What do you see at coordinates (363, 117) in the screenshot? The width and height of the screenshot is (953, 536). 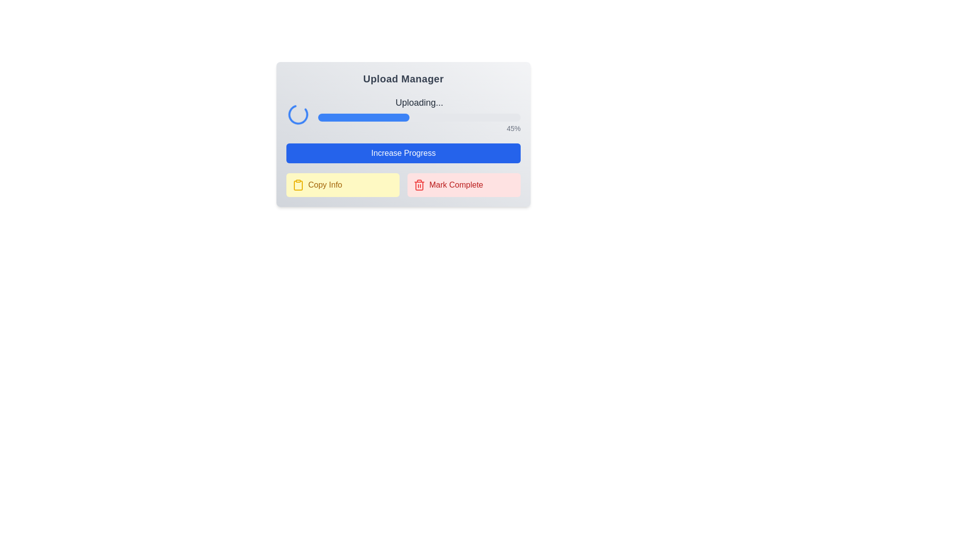 I see `the progress indicator that visually represents the progress made in the upload task, currently at 45%, located within the 'Upload Manager' panel` at bounding box center [363, 117].